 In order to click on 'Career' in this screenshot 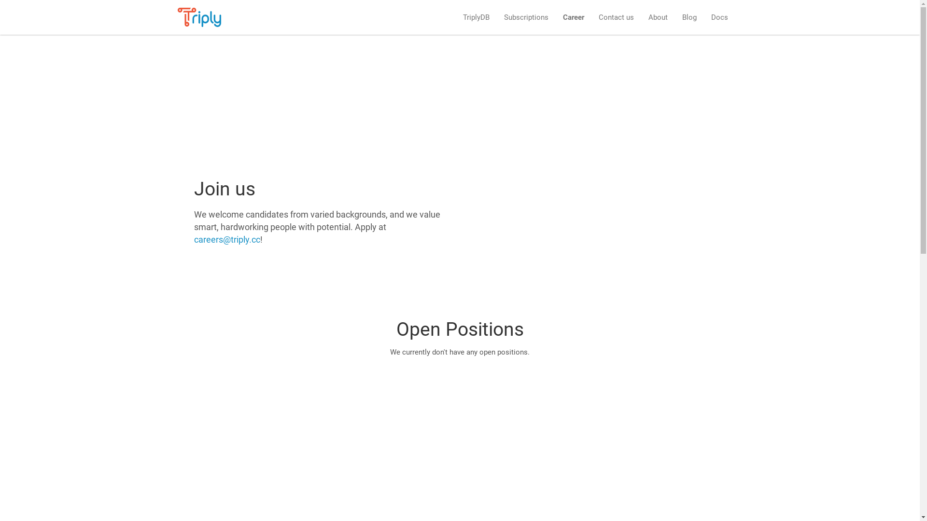, I will do `click(573, 17)`.